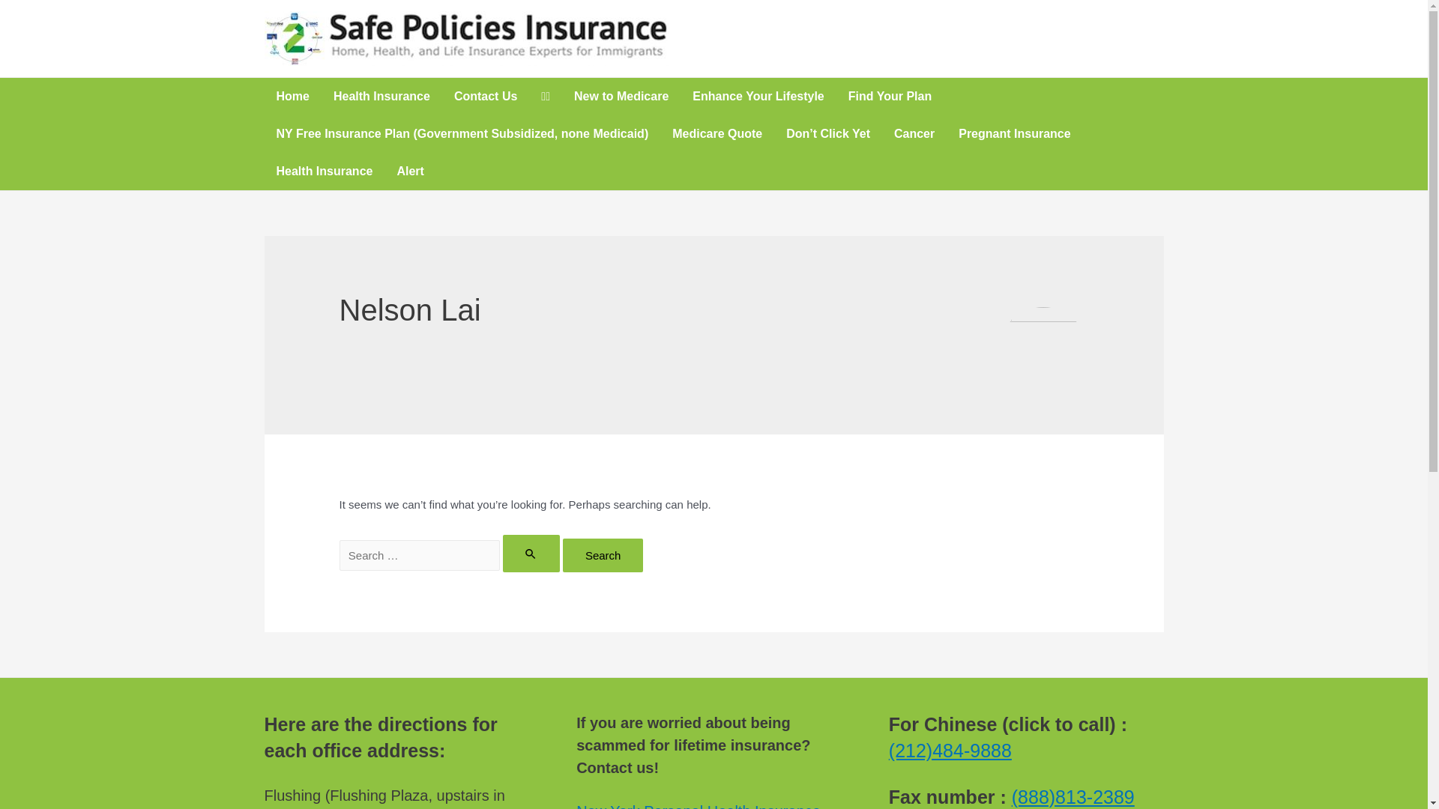 This screenshot has width=1439, height=809. I want to click on 'Cancer', so click(913, 133).